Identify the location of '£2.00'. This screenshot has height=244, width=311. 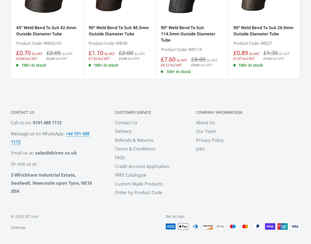
(126, 53).